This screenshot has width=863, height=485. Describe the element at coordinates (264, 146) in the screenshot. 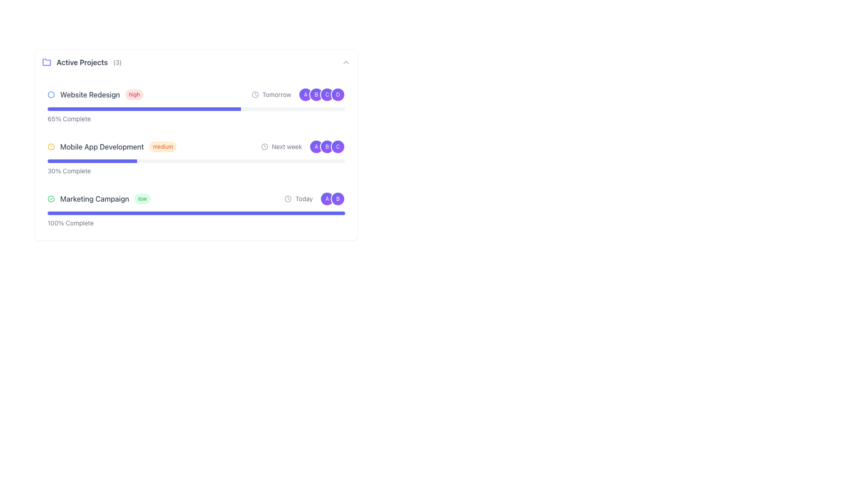

I see `the small circular icon with a clock symbol located to the left of the text 'Next week'` at that location.